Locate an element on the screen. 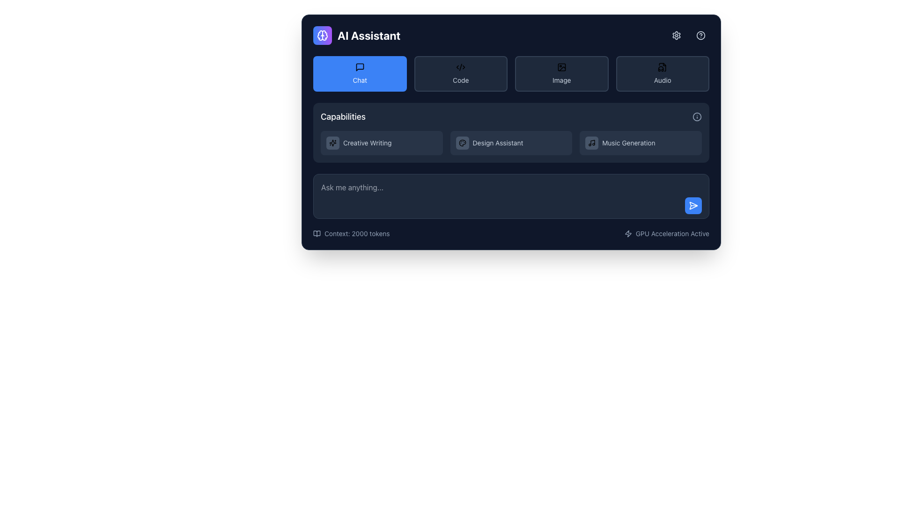 The height and width of the screenshot is (505, 899). the graphical icon representing an audio file located in the 'Audio' section of the interface, which features a curled corner and a waveform design is located at coordinates (660, 68).